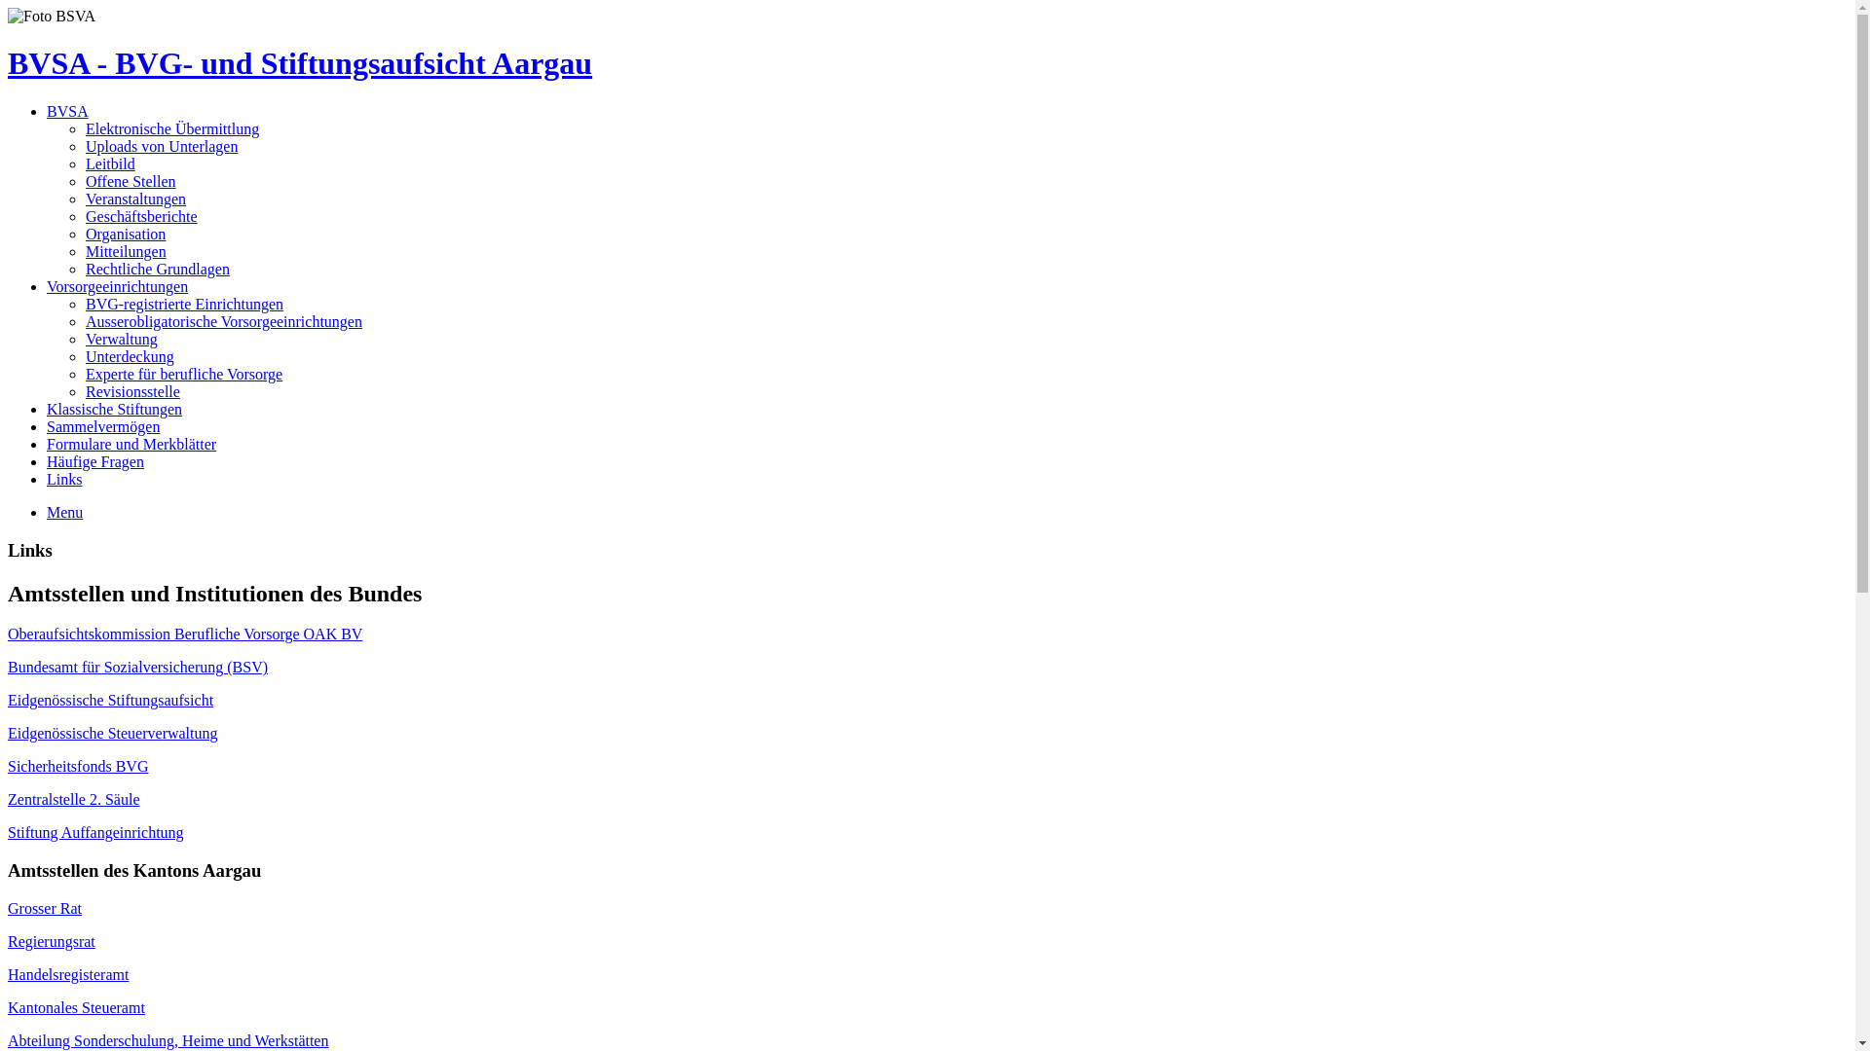 The image size is (1870, 1051). I want to click on 'BVSA', so click(67, 111).